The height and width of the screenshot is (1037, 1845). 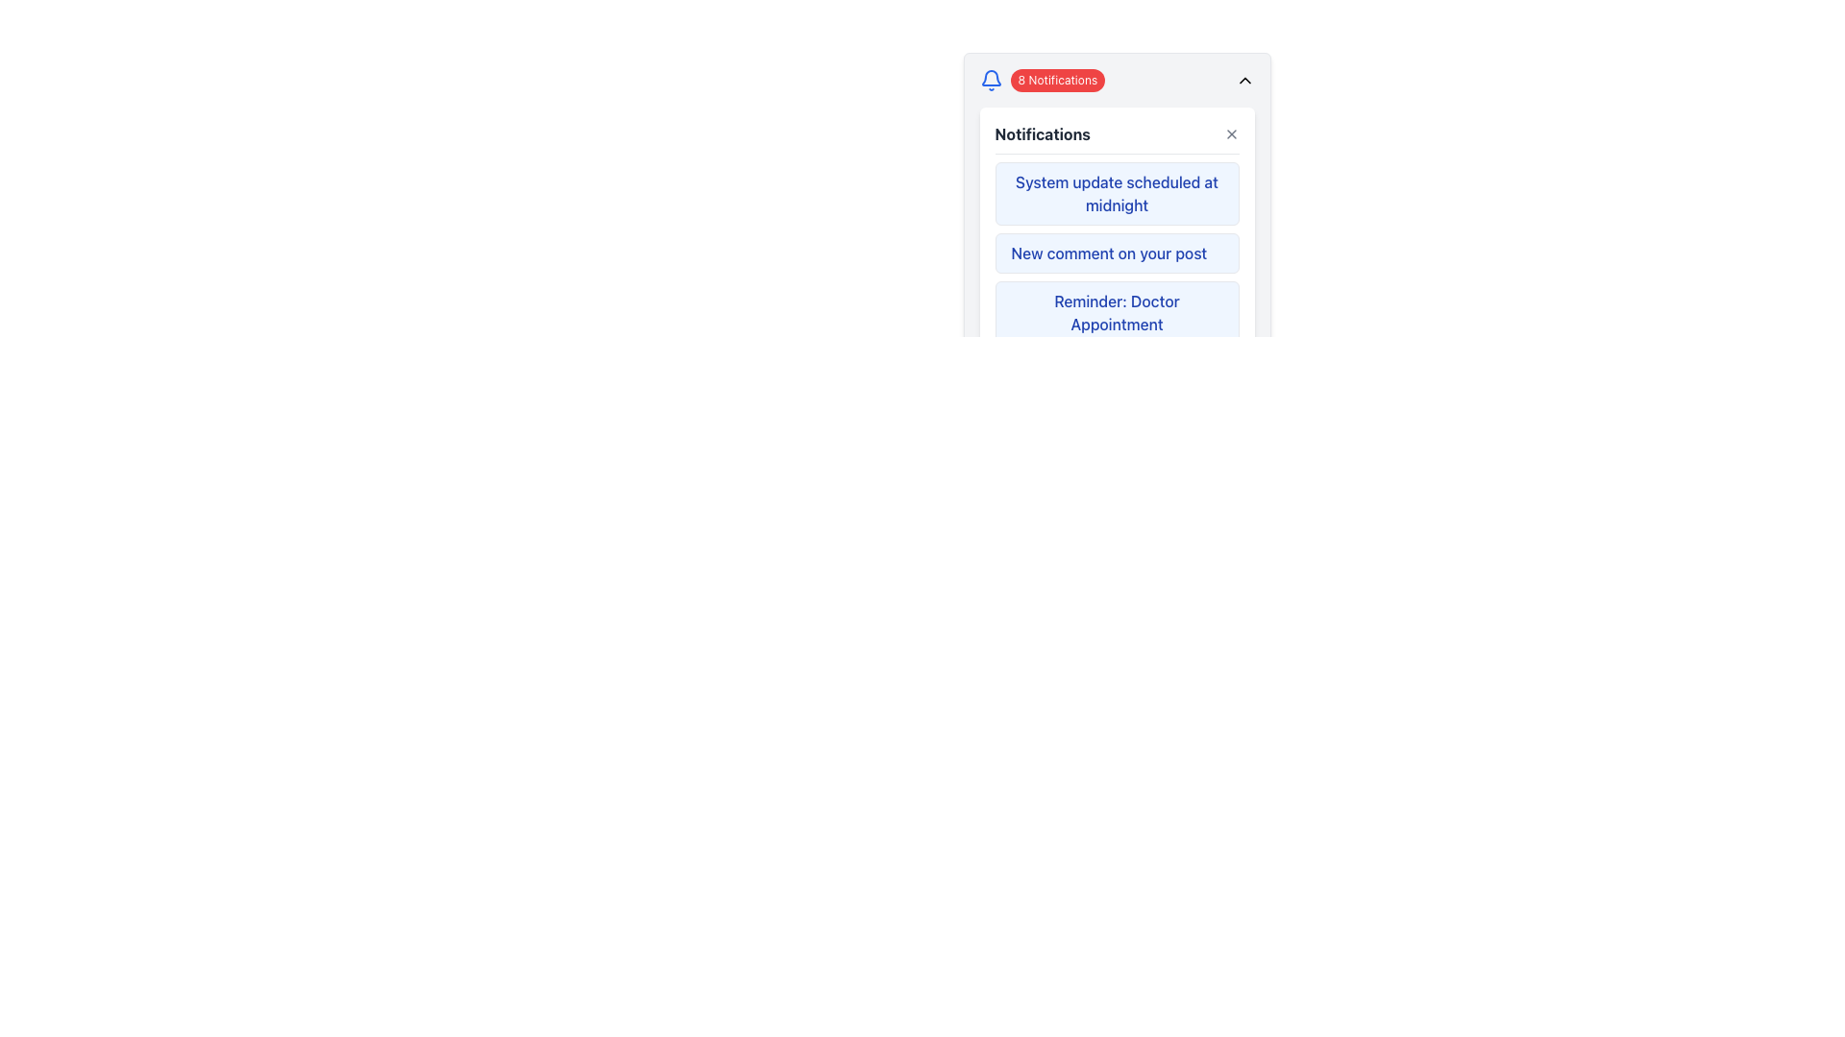 I want to click on the second notification in the notification panel that displays a summary about a comment received on a user's post, so click(x=1117, y=252).